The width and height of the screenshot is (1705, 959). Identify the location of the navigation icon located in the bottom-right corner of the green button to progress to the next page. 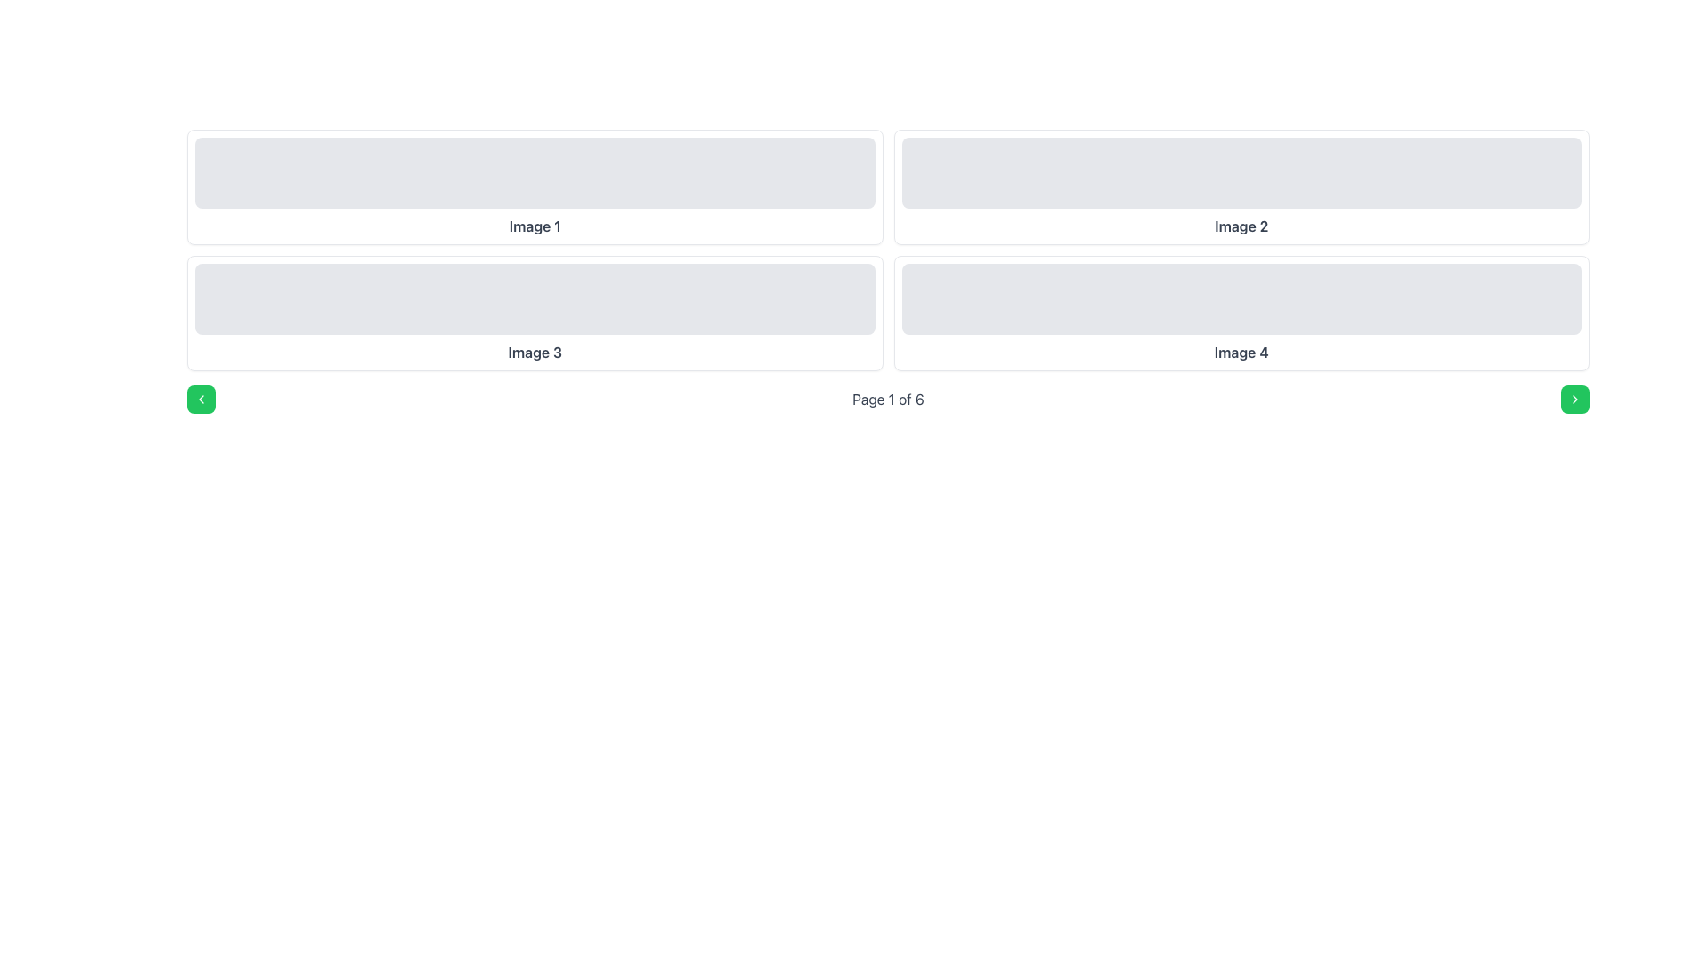
(1575, 400).